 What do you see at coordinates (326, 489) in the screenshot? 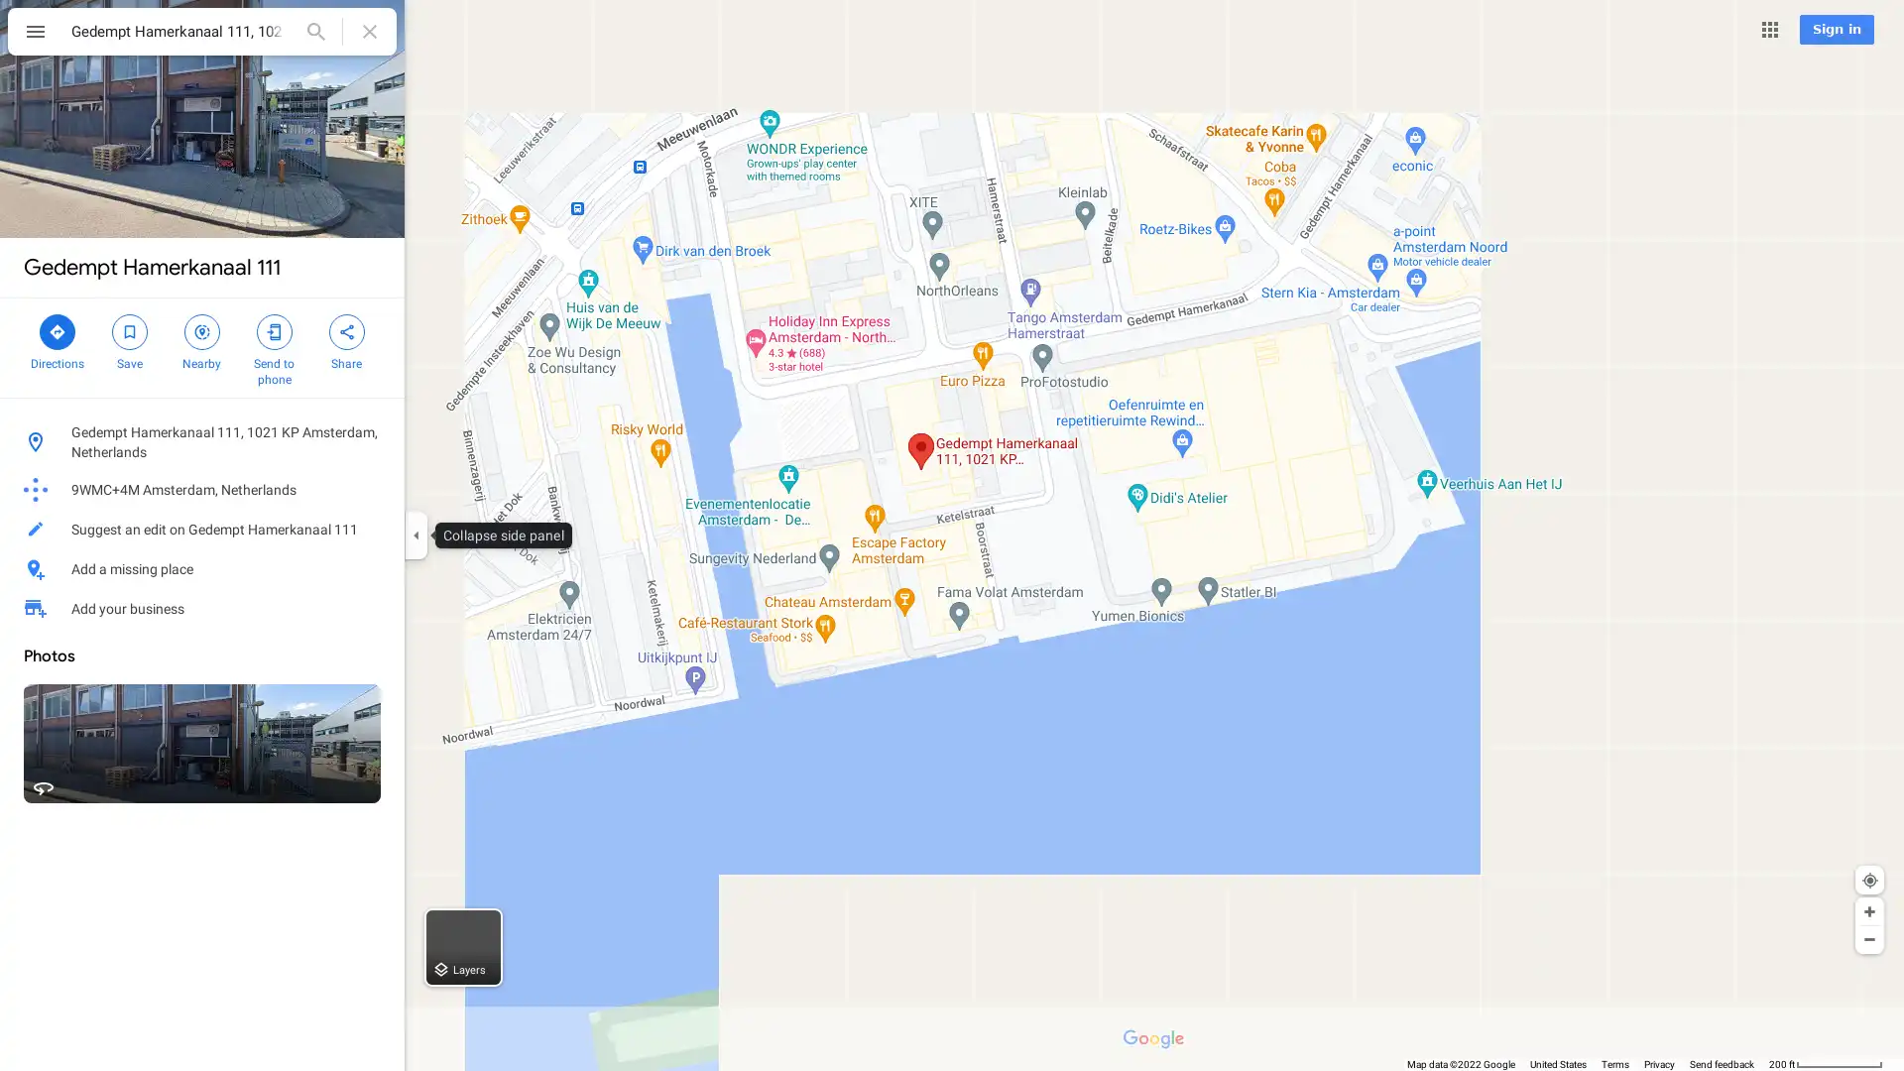
I see `Copy plus code` at bounding box center [326, 489].